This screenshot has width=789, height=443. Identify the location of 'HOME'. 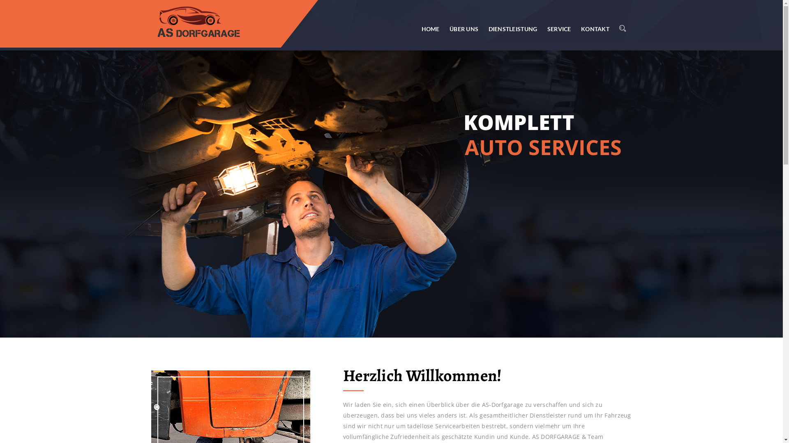
(418, 28).